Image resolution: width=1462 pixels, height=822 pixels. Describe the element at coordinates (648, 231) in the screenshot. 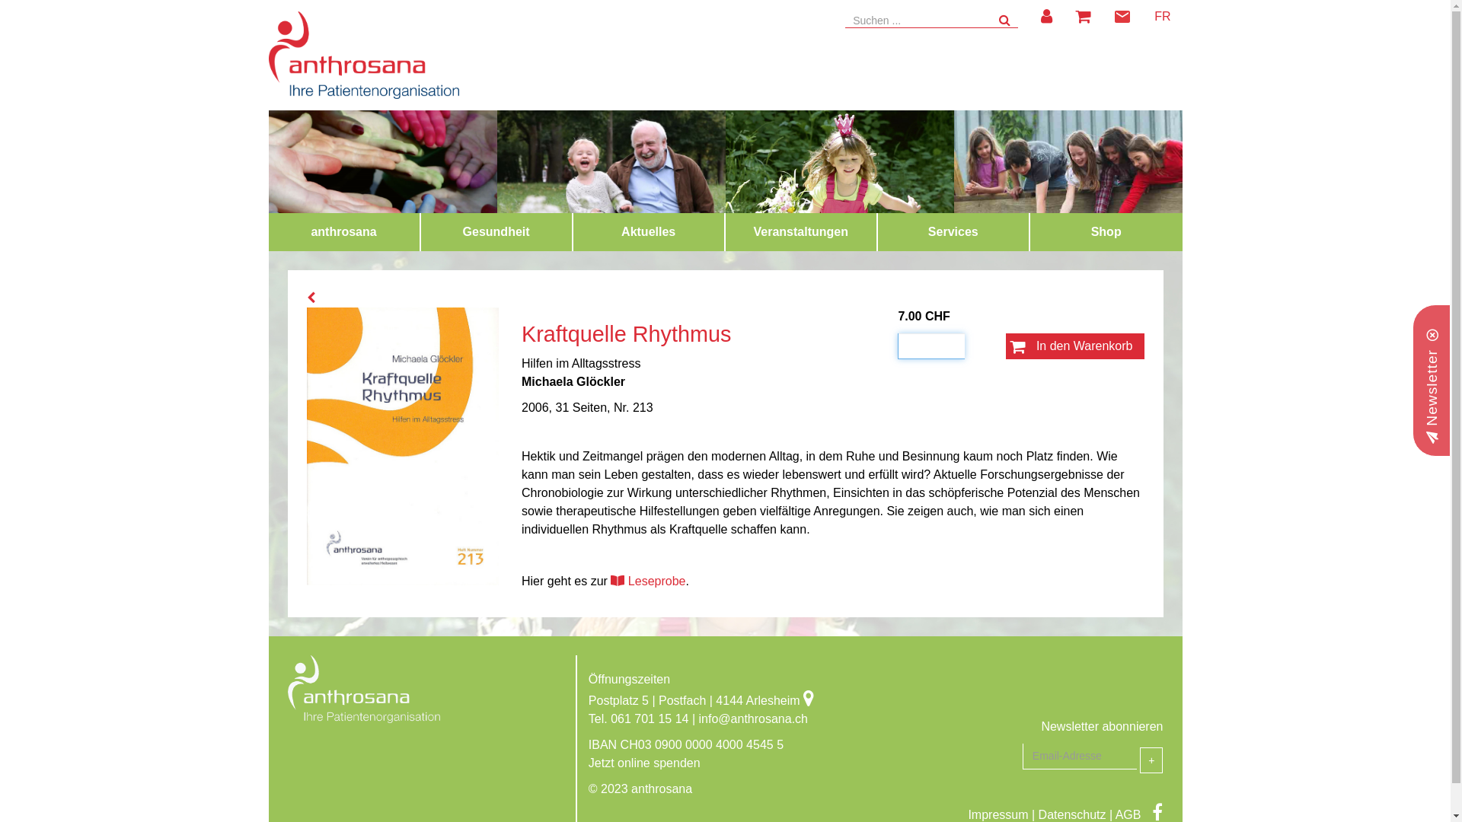

I see `'Aktuelles'` at that location.